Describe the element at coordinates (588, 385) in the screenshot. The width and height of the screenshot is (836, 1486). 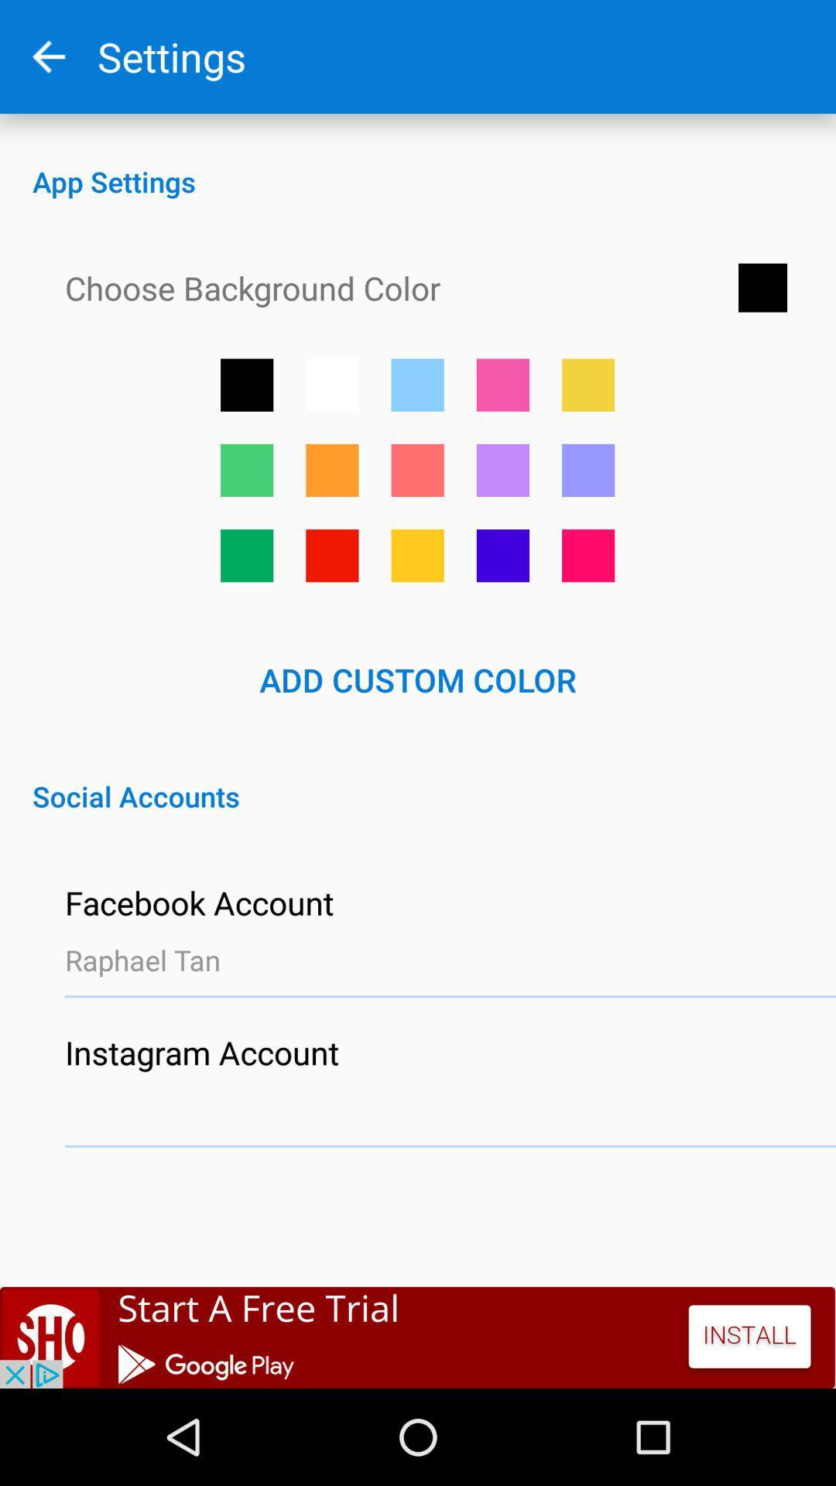
I see `color` at that location.